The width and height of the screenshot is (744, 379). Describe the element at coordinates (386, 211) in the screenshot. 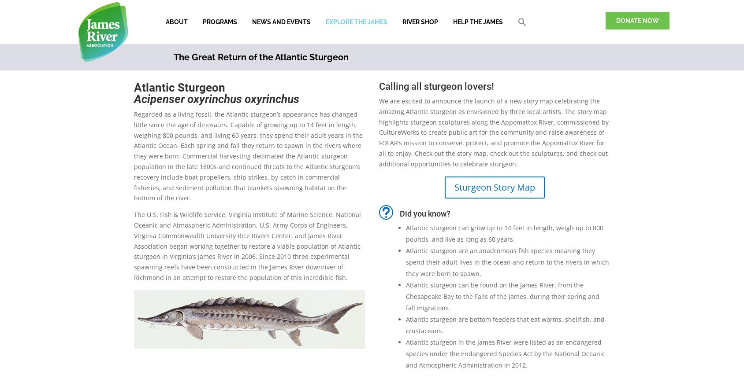

I see `'t'` at that location.